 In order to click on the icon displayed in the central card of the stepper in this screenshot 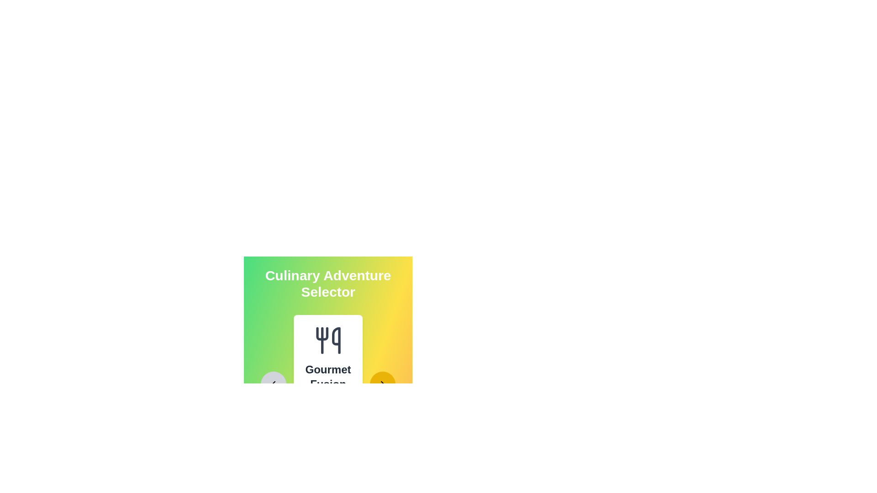, I will do `click(328, 340)`.